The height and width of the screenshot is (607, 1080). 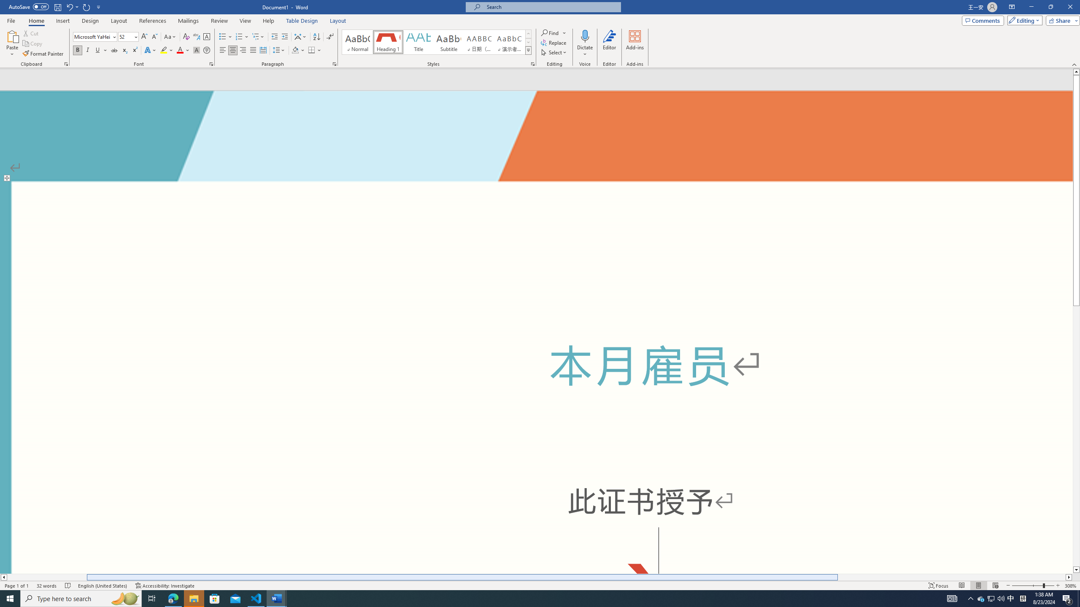 I want to click on 'Grow Font', so click(x=144, y=37).